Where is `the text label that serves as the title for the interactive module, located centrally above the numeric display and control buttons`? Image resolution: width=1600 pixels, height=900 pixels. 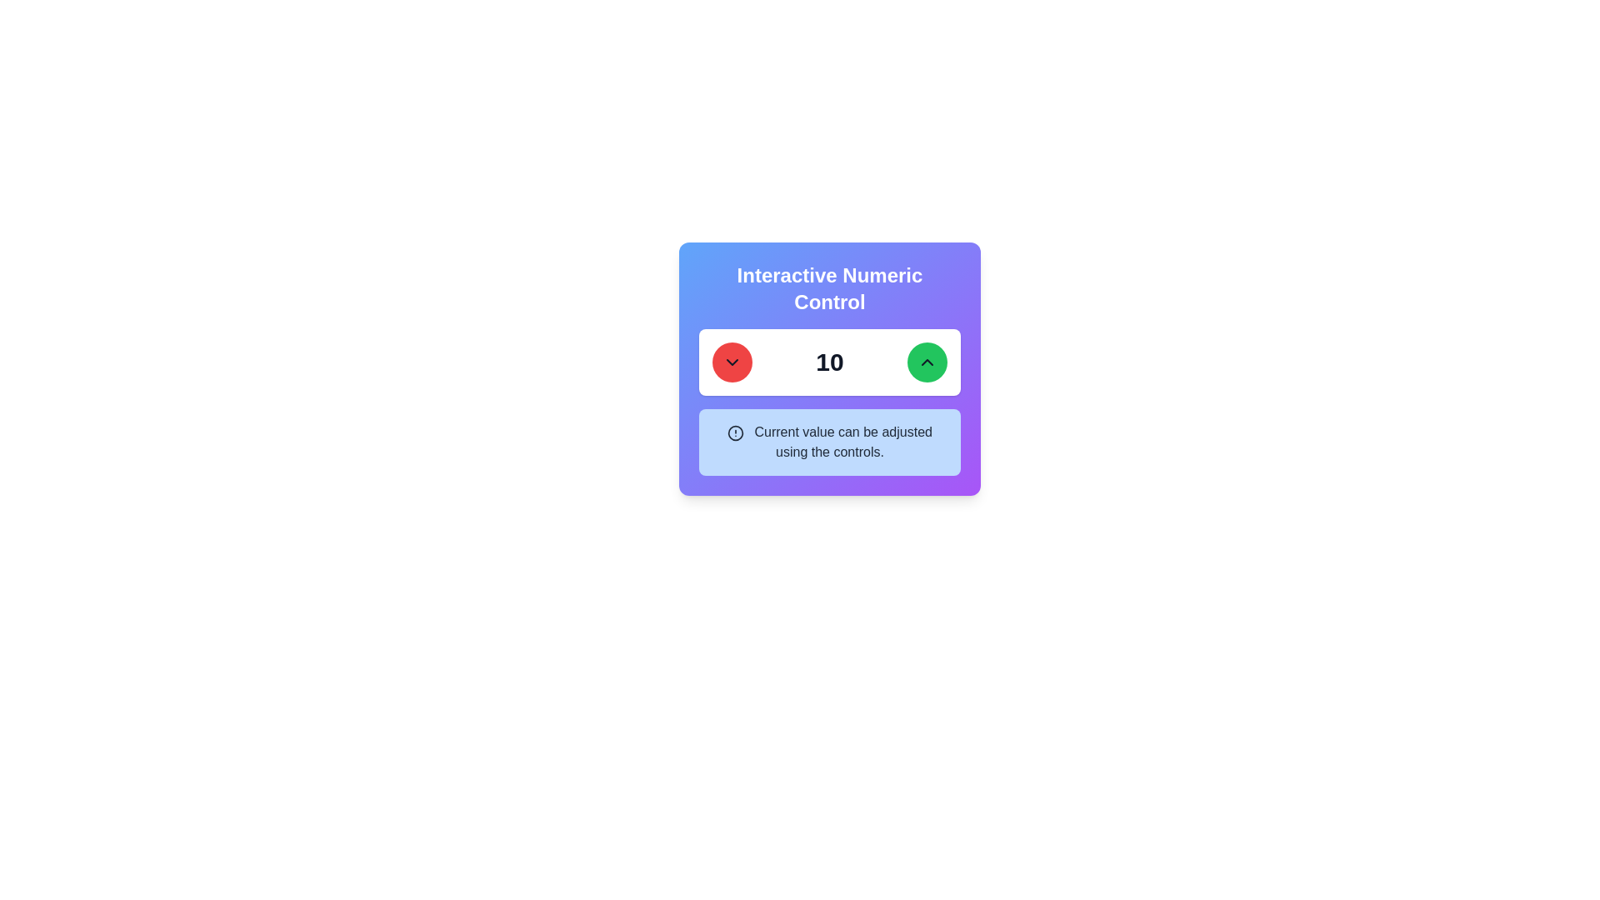 the text label that serves as the title for the interactive module, located centrally above the numeric display and control buttons is located at coordinates (830, 288).